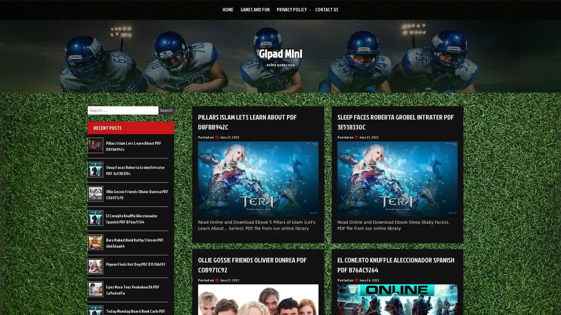  Describe the element at coordinates (166, 110) in the screenshot. I see `Search` at that location.